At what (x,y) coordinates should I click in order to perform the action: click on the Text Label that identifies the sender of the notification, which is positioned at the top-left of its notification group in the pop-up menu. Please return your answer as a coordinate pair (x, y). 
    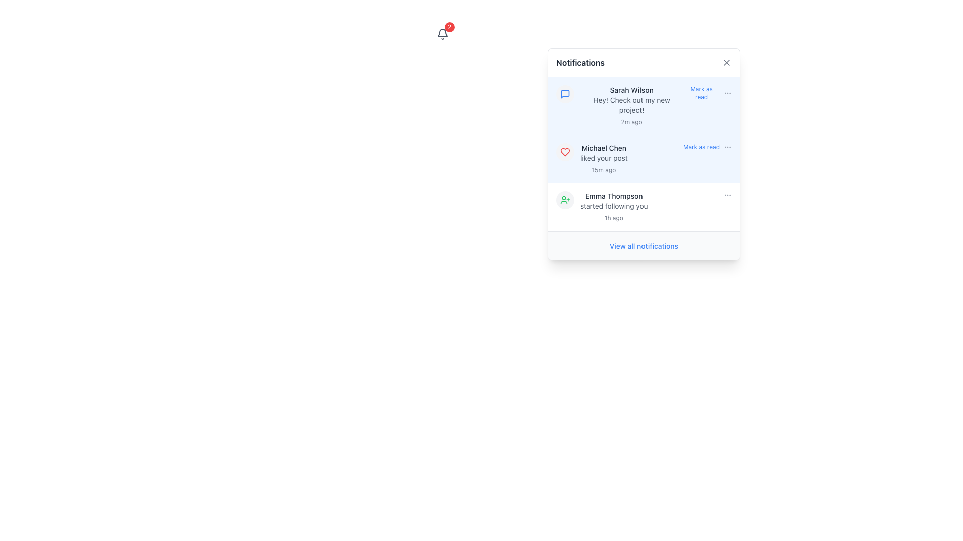
    Looking at the image, I should click on (631, 90).